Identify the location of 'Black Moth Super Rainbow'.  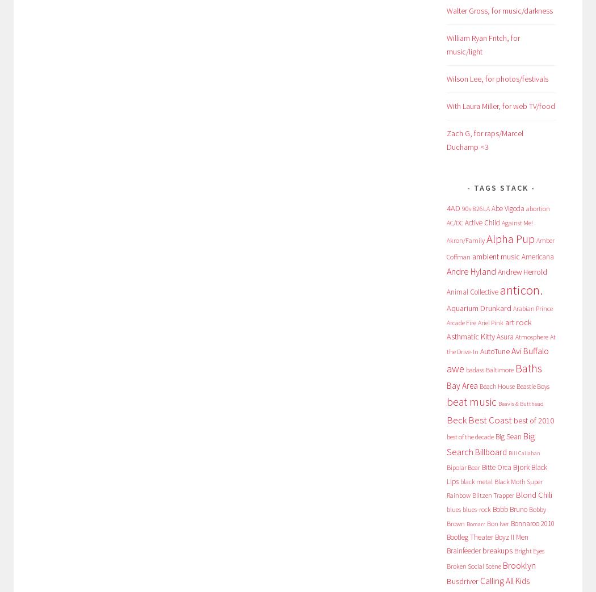
(493, 488).